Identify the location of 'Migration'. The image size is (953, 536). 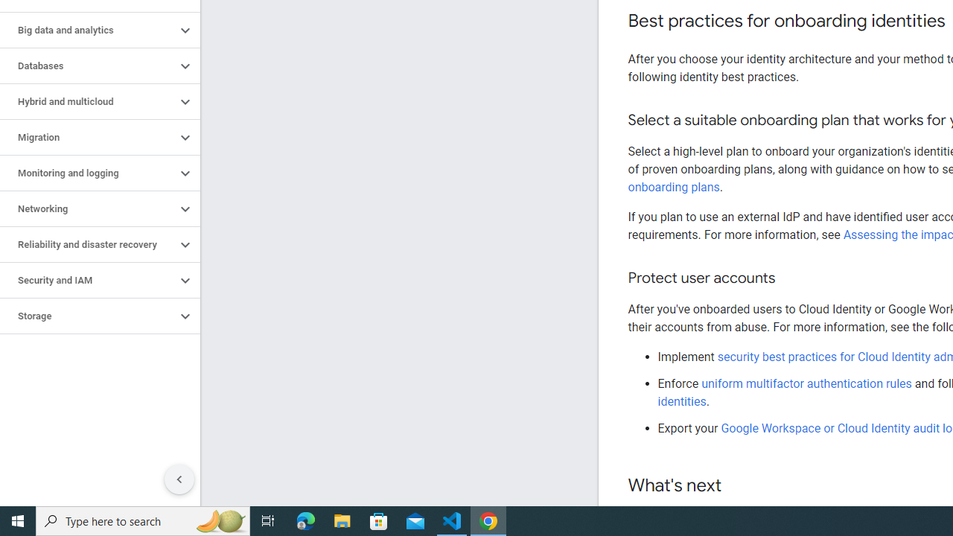
(87, 138).